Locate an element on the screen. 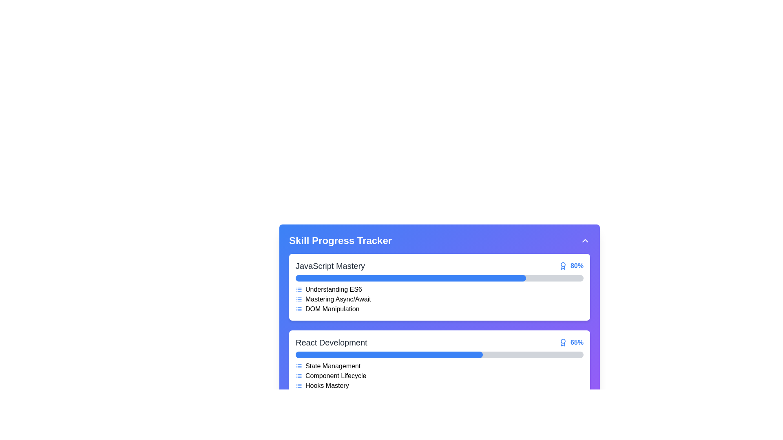  the Progress Indicator Bar that visually represents an 80% completion status of the JavaScript Mastery skill, located under the 'JavaScript Mastery' heading in the 'Skill Progress Tracker' interface is located at coordinates (411, 277).